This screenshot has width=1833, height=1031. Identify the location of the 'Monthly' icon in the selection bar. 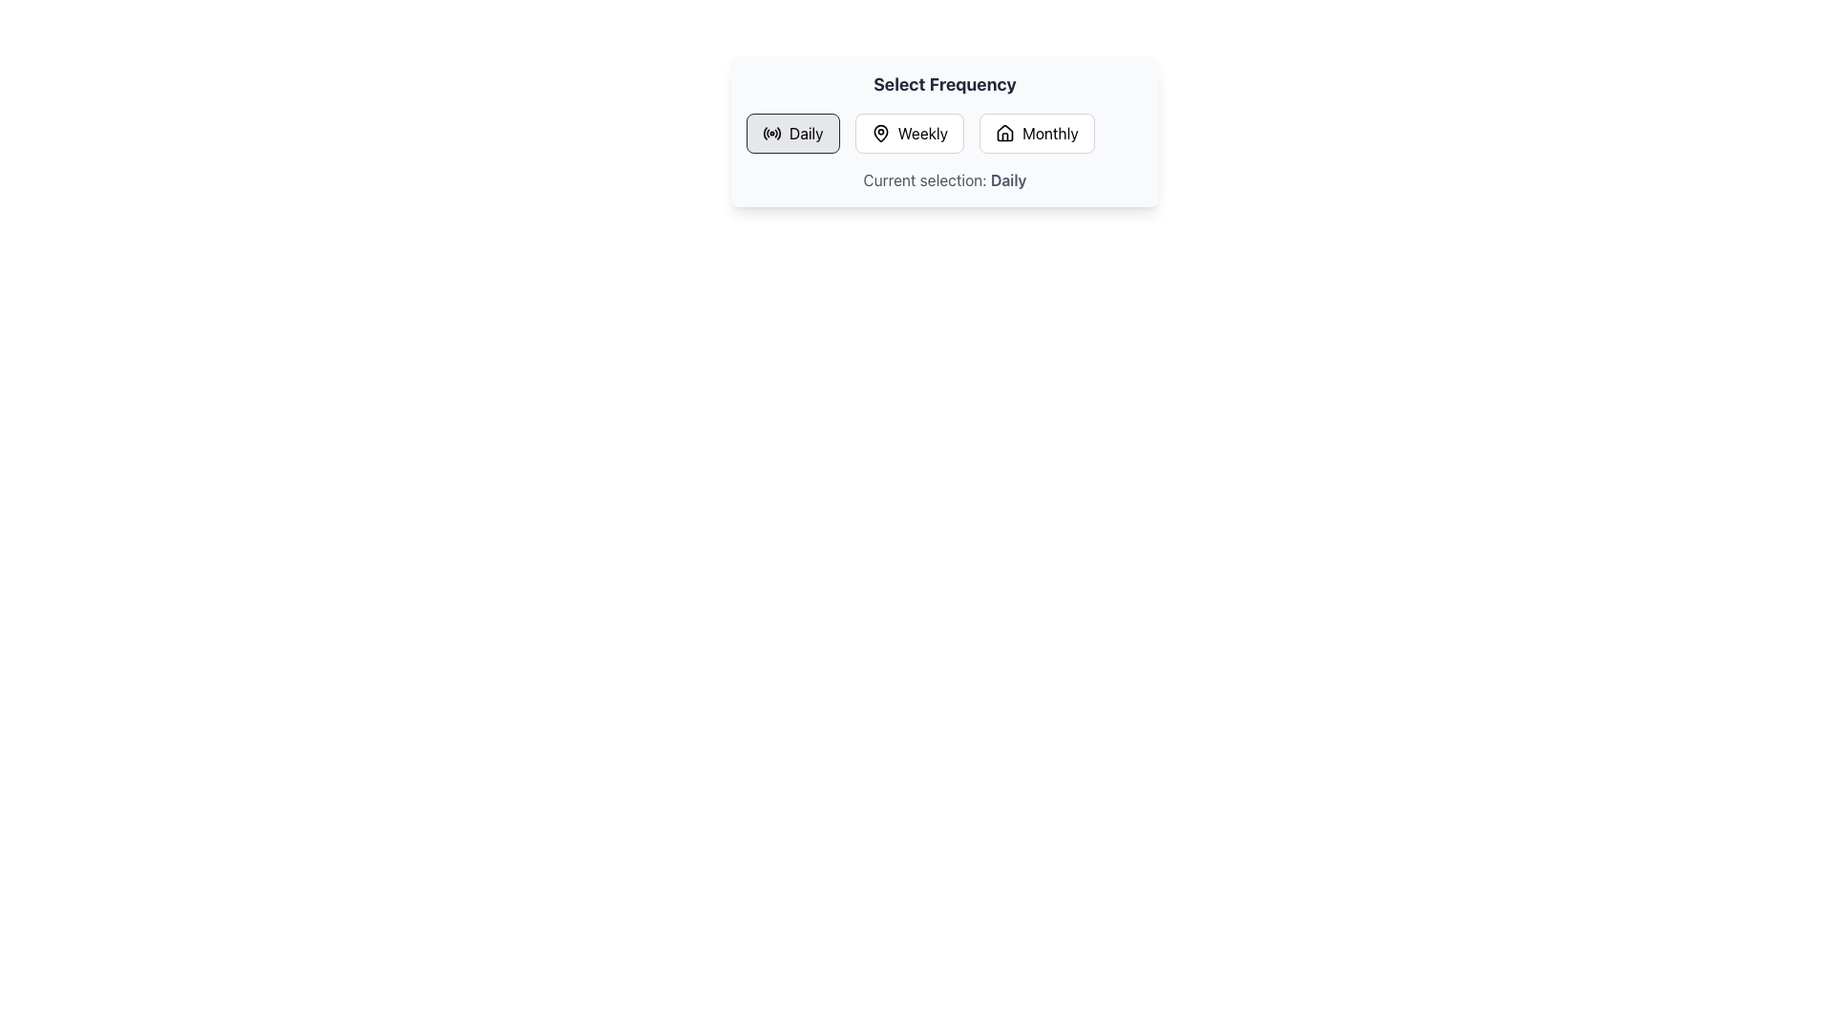
(1004, 132).